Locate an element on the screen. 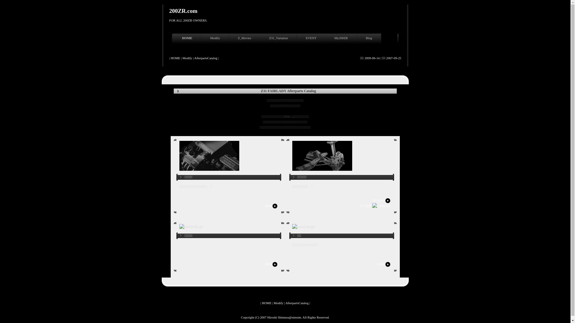 This screenshot has height=323, width=575. 'click' is located at coordinates (264, 205).